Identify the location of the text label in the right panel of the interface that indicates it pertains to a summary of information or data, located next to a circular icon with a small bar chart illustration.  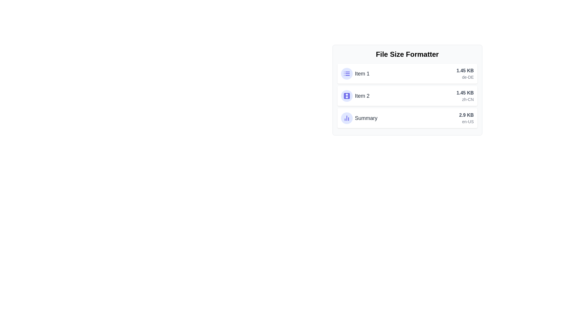
(366, 118).